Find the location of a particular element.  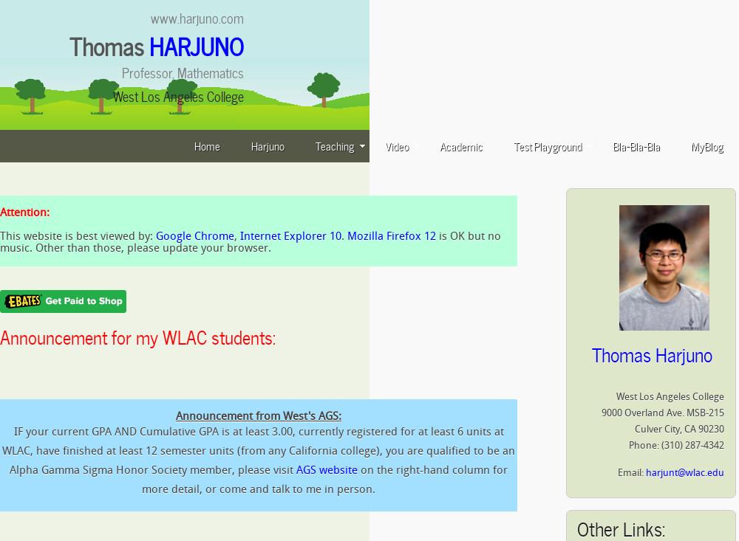

'Professor, Mathematics' is located at coordinates (182, 72).